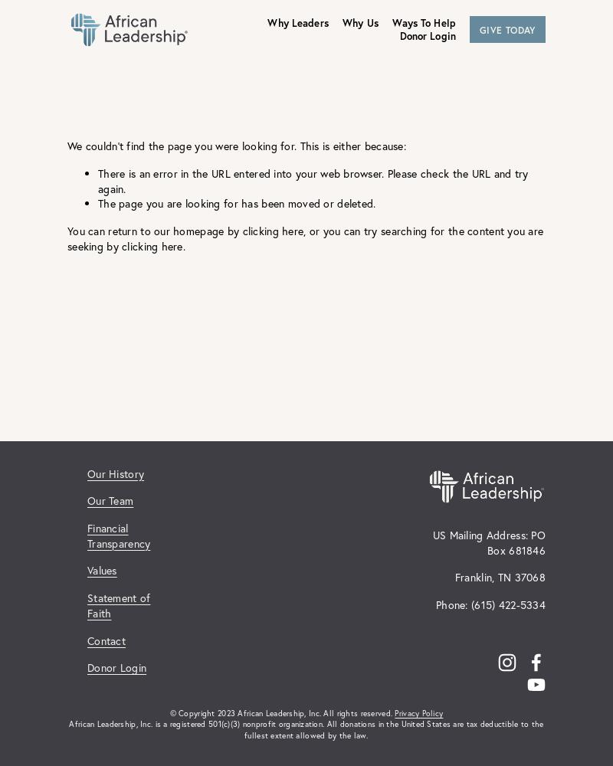  Describe the element at coordinates (110, 500) in the screenshot. I see `'Our Team'` at that location.